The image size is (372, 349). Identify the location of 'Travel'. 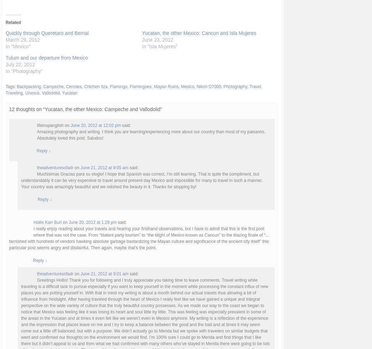
(255, 86).